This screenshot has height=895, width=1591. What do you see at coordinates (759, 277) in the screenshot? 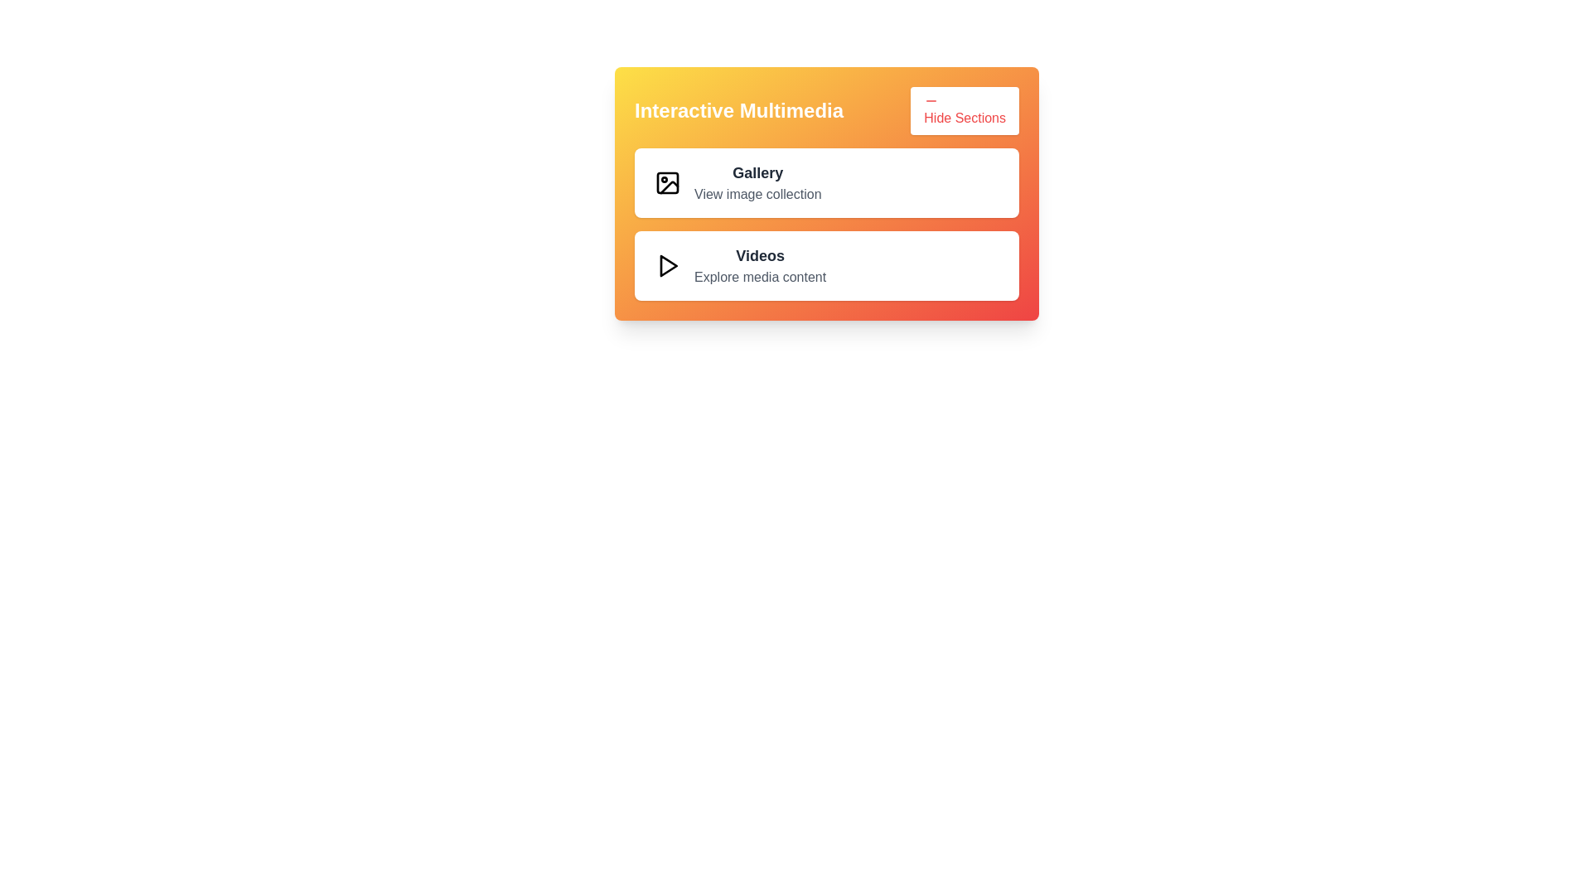
I see `descriptive subtitle text label located directly underneath the bold title 'Videos' in the middle-right section of the interface for additional information` at bounding box center [759, 277].